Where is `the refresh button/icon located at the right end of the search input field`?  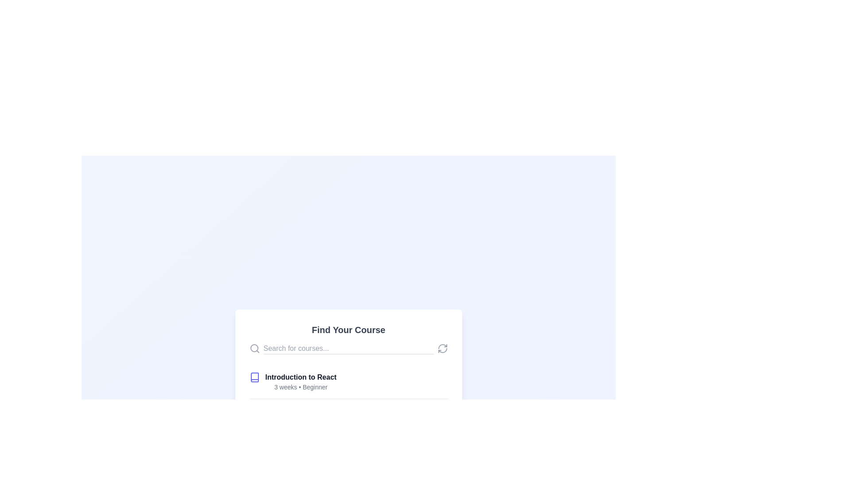 the refresh button/icon located at the right end of the search input field is located at coordinates (442, 348).